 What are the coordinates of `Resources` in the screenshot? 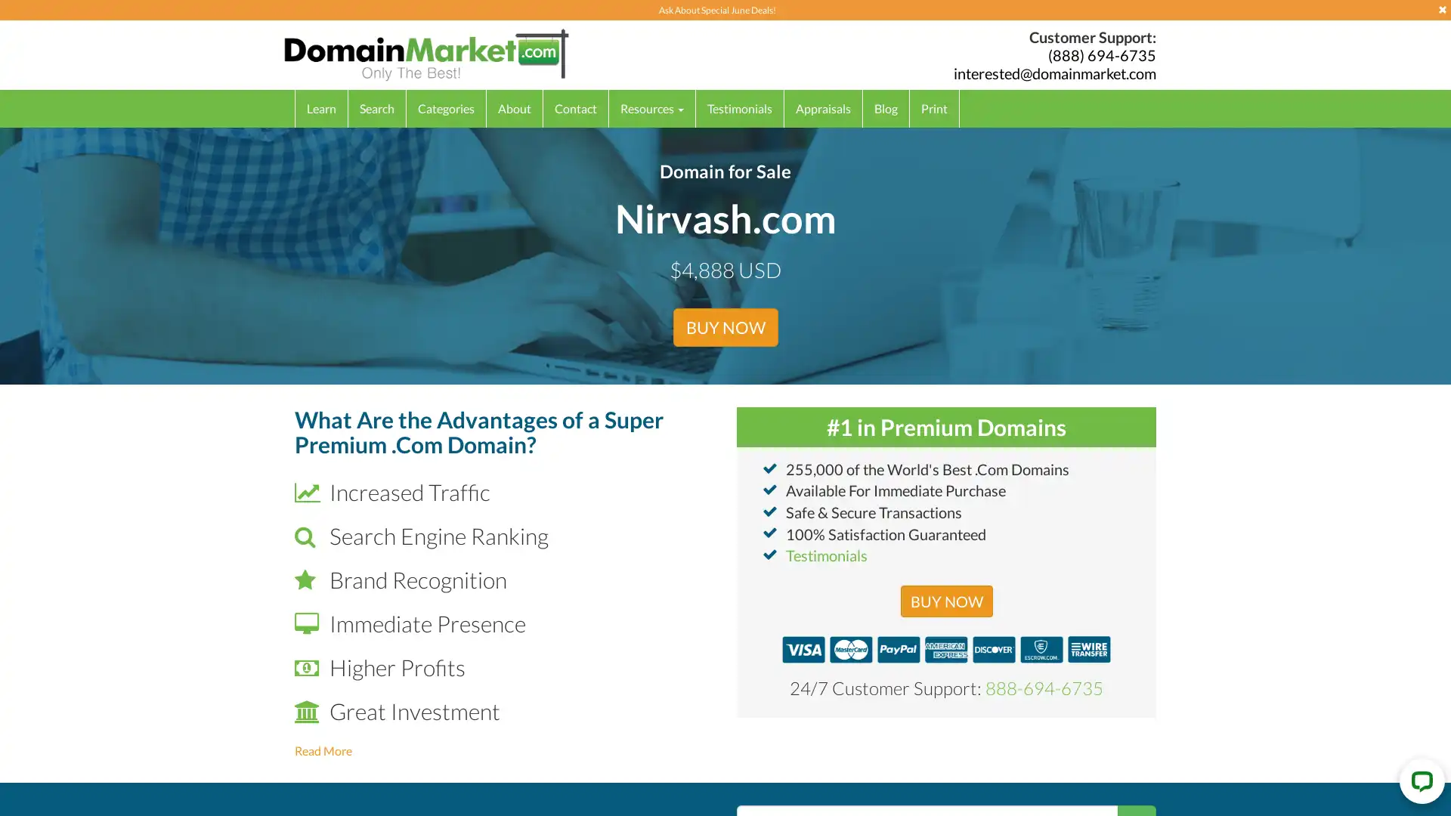 It's located at (652, 107).